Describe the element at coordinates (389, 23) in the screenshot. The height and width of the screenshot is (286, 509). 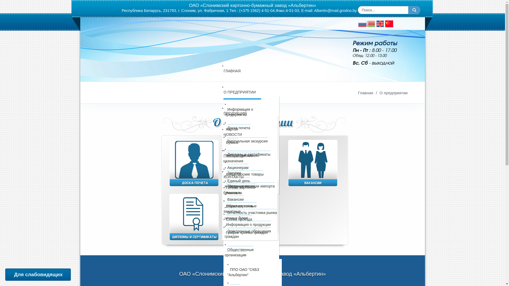
I see `'Chinese'` at that location.